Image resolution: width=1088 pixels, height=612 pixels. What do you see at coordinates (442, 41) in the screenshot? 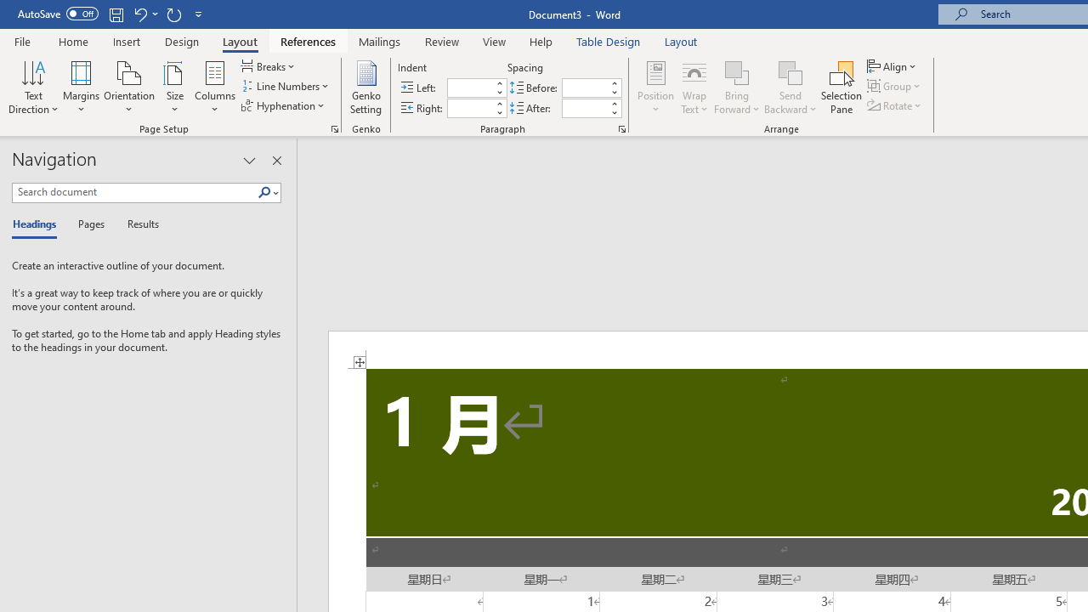
I see `'Review'` at bounding box center [442, 41].